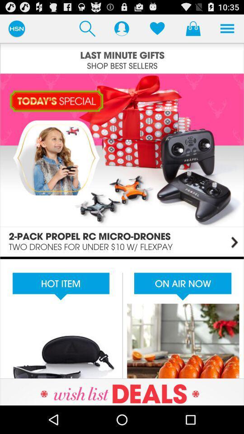 The height and width of the screenshot is (434, 244). Describe the element at coordinates (122, 317) in the screenshot. I see `click on adds` at that location.